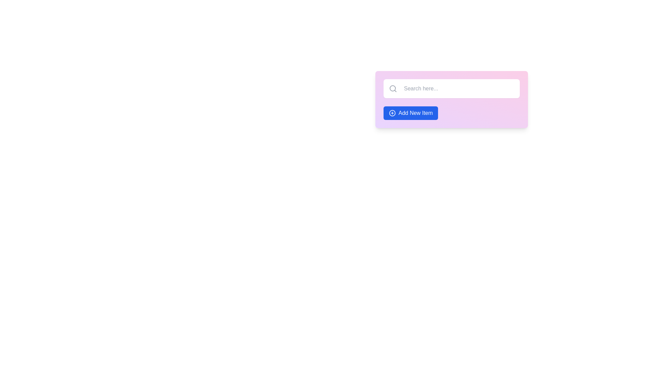  I want to click on the circular part of the search icon located on the left end of the search bar, which is visually distinguished by its circular shape next to the eyeglass handle, so click(392, 88).